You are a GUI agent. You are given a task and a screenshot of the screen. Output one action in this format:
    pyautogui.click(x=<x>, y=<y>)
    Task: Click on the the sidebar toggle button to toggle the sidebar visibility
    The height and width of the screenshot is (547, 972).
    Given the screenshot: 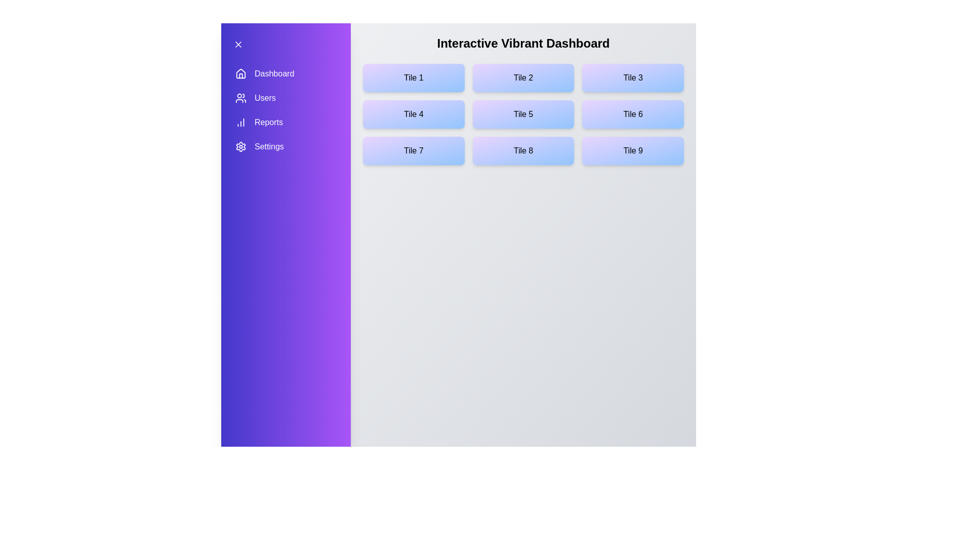 What is the action you would take?
    pyautogui.click(x=286, y=44)
    